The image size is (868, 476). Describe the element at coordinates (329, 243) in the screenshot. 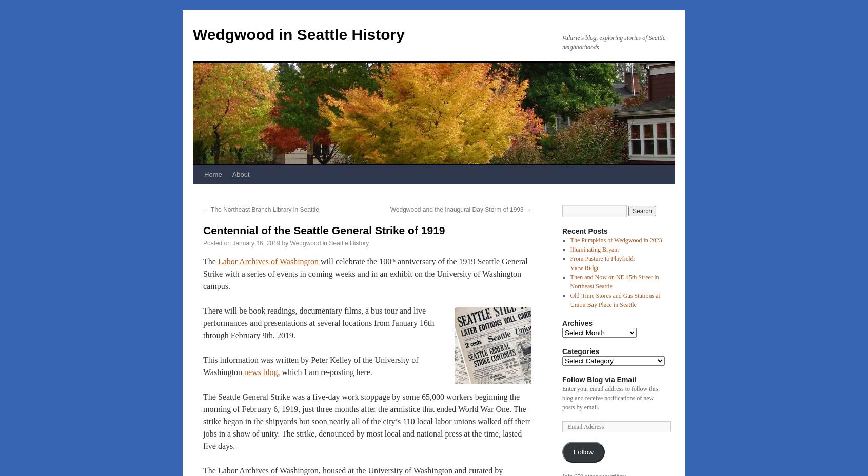

I see `'Wedgwood in Seattle History'` at that location.